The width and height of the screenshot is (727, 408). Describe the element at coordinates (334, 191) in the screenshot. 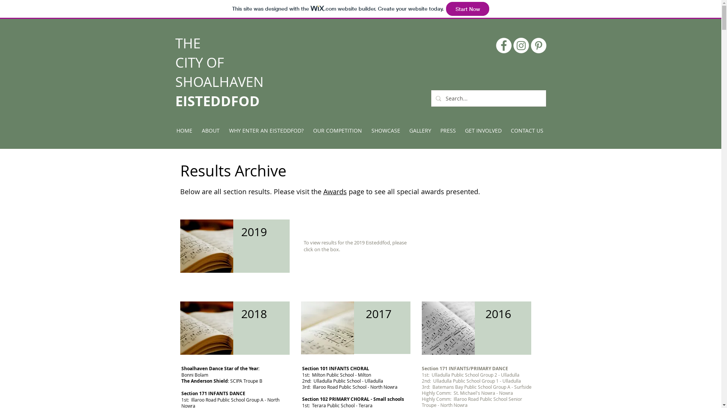

I see `'Awards'` at that location.